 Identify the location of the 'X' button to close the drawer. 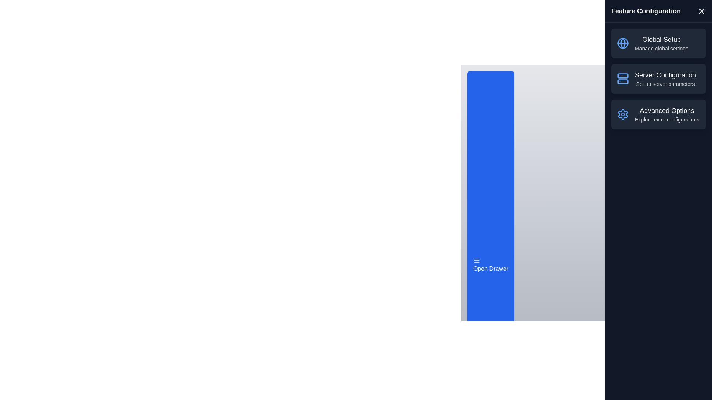
(701, 11).